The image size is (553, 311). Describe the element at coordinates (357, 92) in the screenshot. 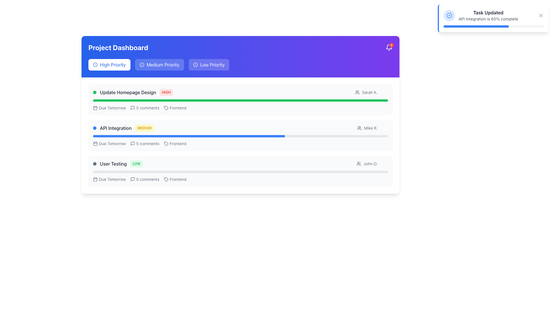

I see `the small outlined gray icon resembling a group of people, located to the left of the 'Sarah K.' text, associated with the task row labeled 'Update Homepage Design'` at that location.